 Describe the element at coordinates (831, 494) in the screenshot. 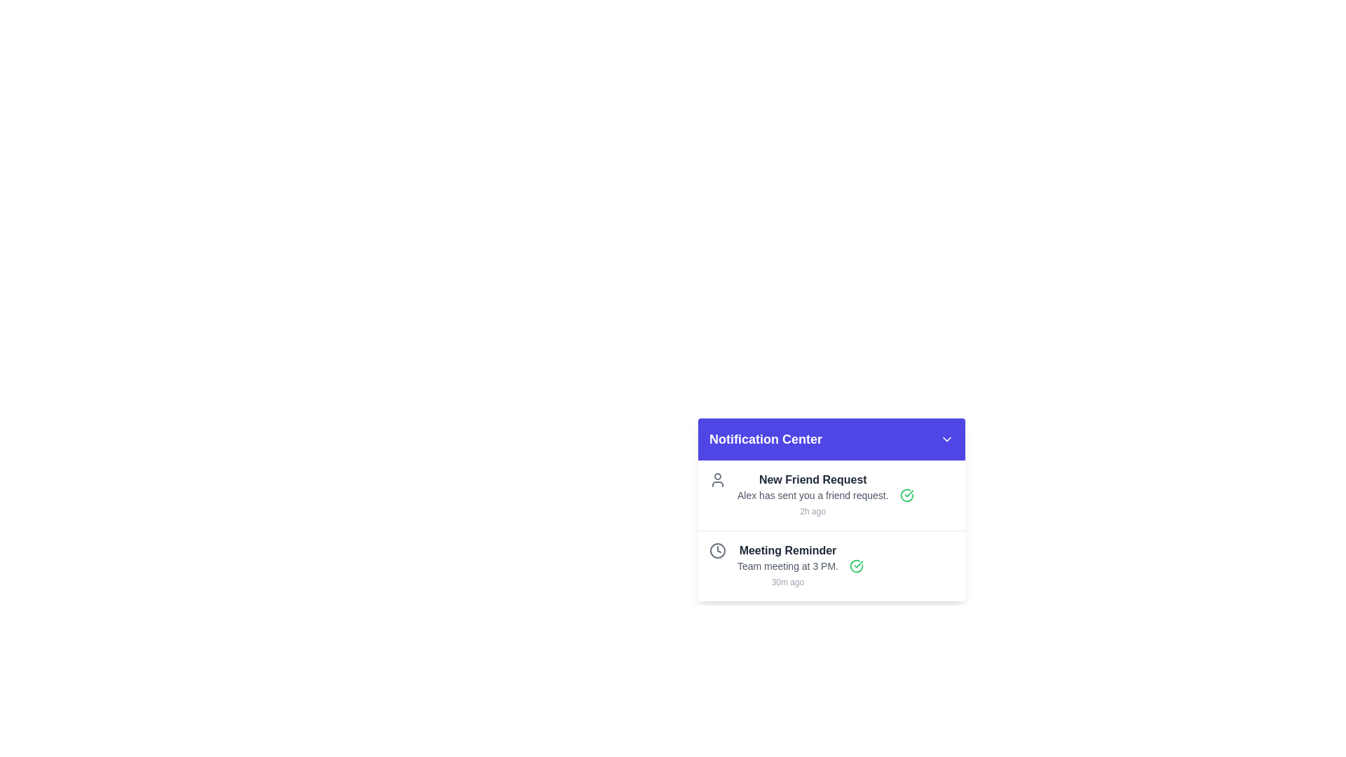

I see `the first notification item in the Notification Center to interact with the new friend request` at that location.